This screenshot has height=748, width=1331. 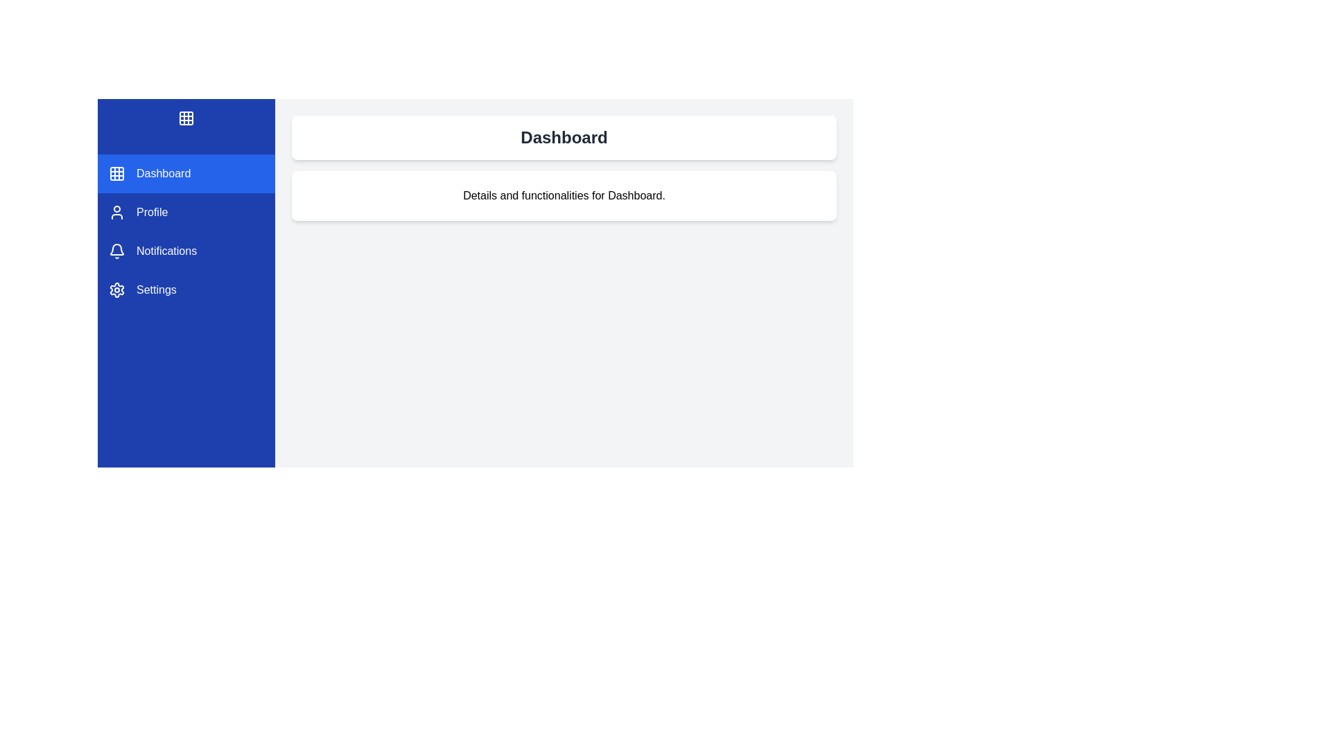 I want to click on the top-left graphical grid cell located in the navigation side panel by moving the cursor to its center point, so click(x=116, y=172).